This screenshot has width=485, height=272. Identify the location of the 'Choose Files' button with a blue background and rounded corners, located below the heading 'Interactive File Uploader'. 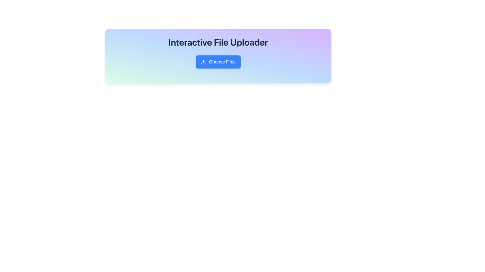
(218, 62).